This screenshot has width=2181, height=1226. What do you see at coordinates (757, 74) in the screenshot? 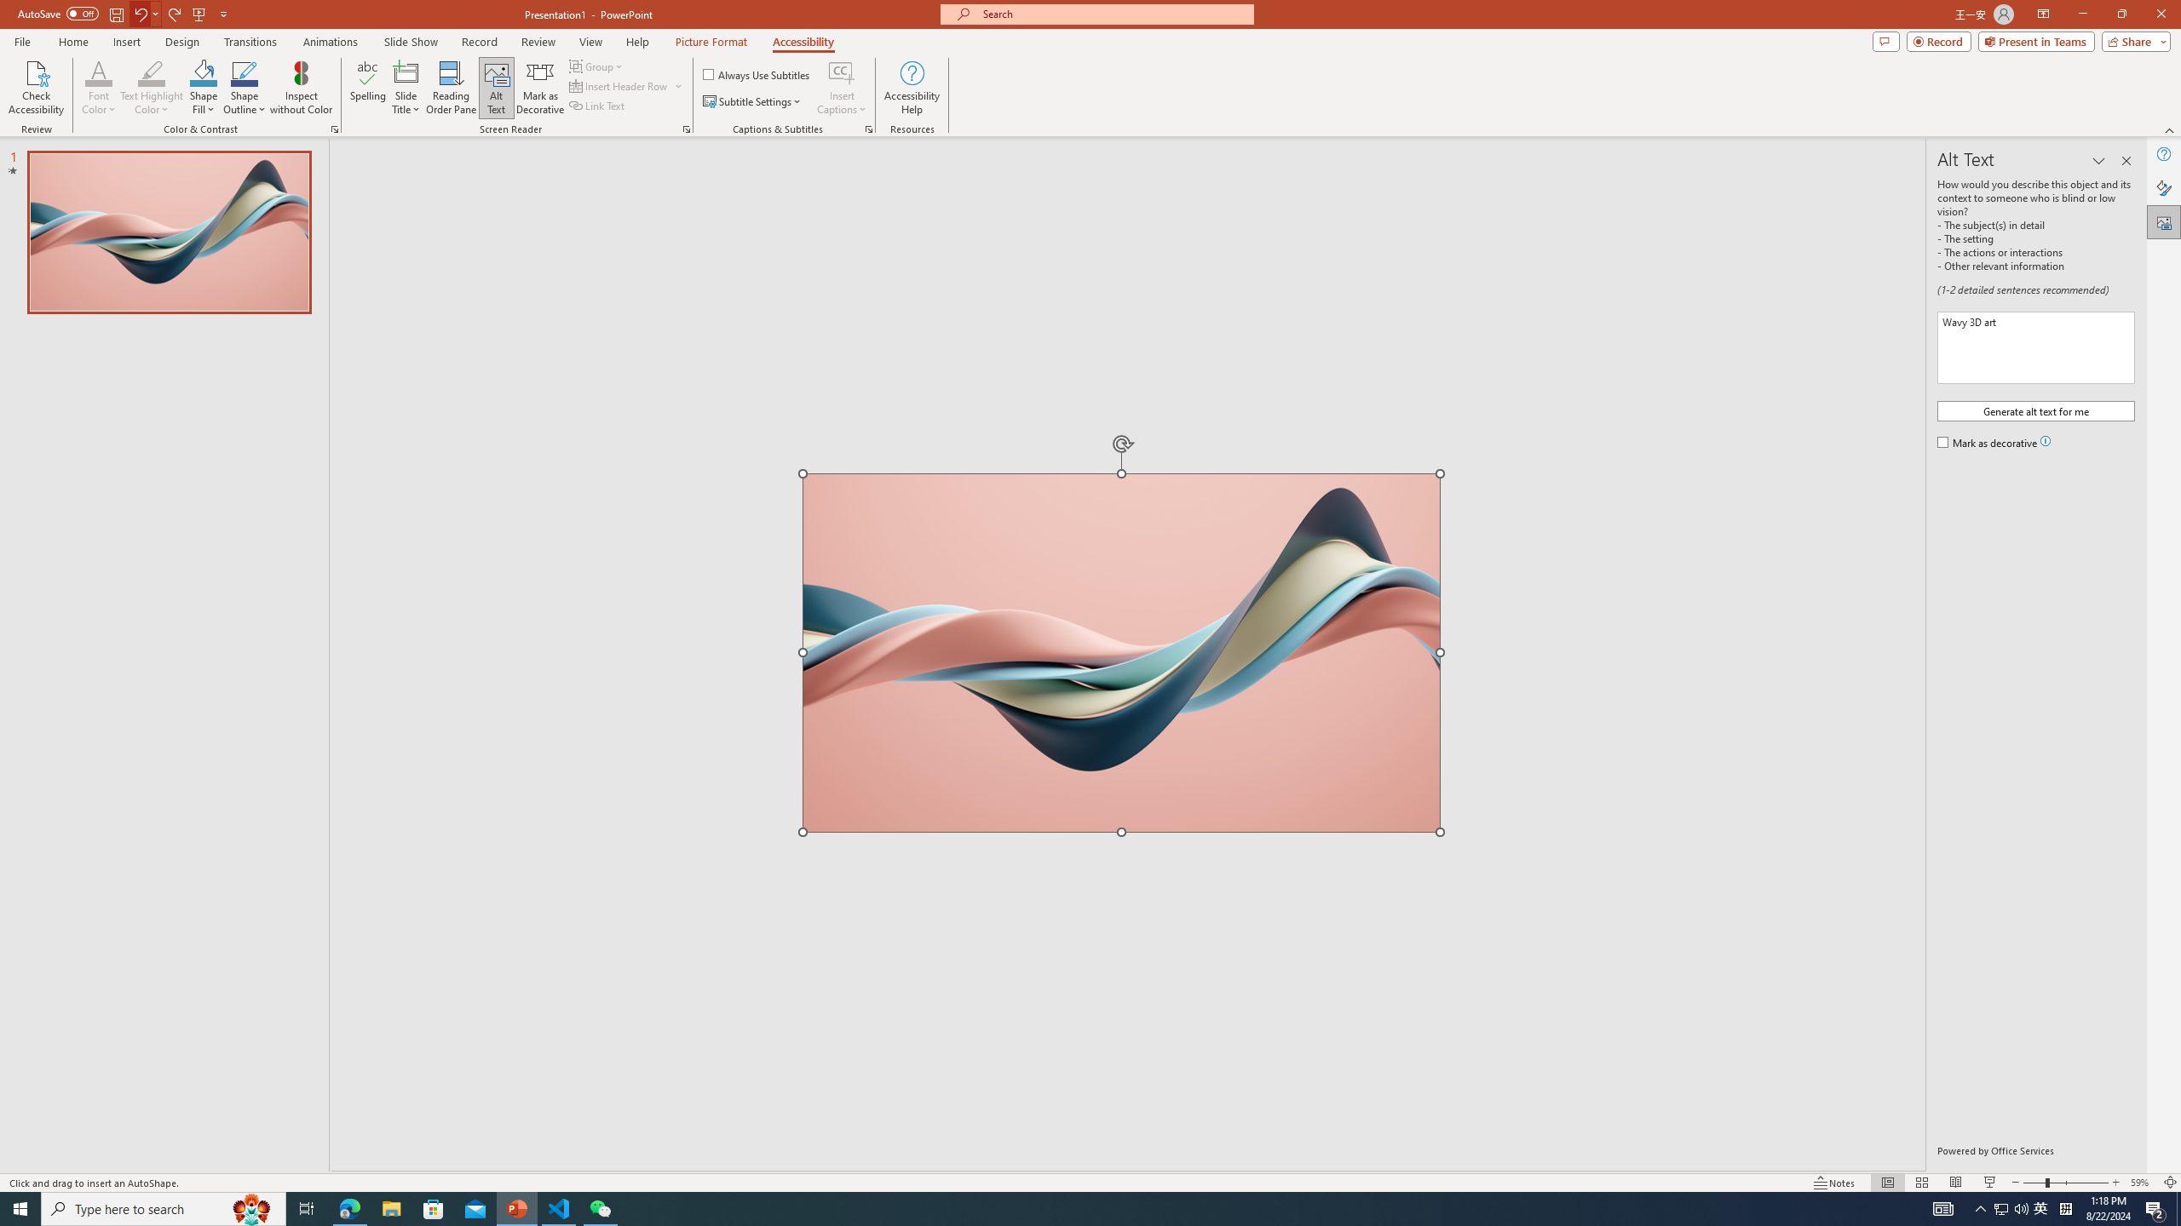
I see `'Always Use Subtitles'` at bounding box center [757, 74].